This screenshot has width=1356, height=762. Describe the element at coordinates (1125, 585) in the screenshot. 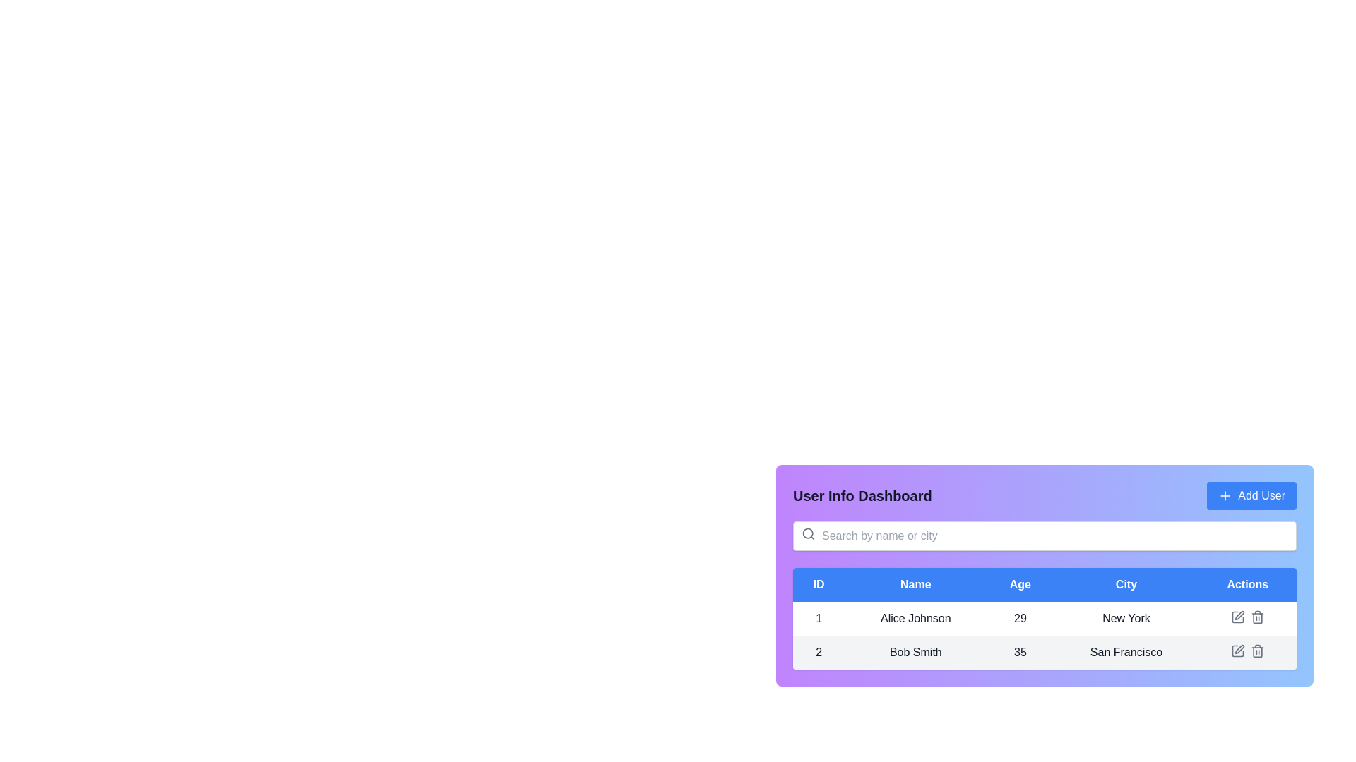

I see `the blue rectangular tab labeled 'City' which is the fourth tab in the header of the user data table` at that location.